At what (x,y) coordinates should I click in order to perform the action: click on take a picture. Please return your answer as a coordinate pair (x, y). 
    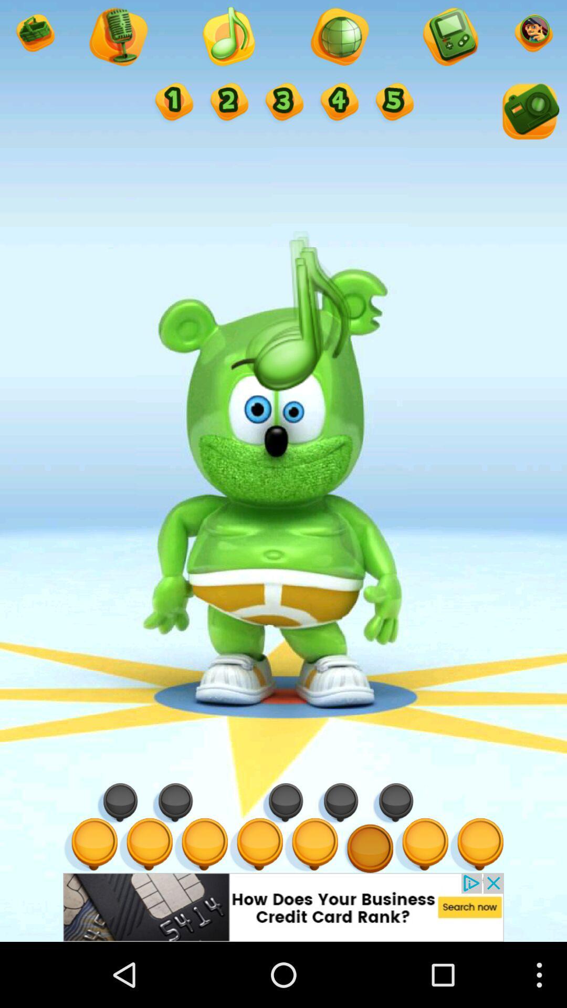
    Looking at the image, I should click on (529, 113).